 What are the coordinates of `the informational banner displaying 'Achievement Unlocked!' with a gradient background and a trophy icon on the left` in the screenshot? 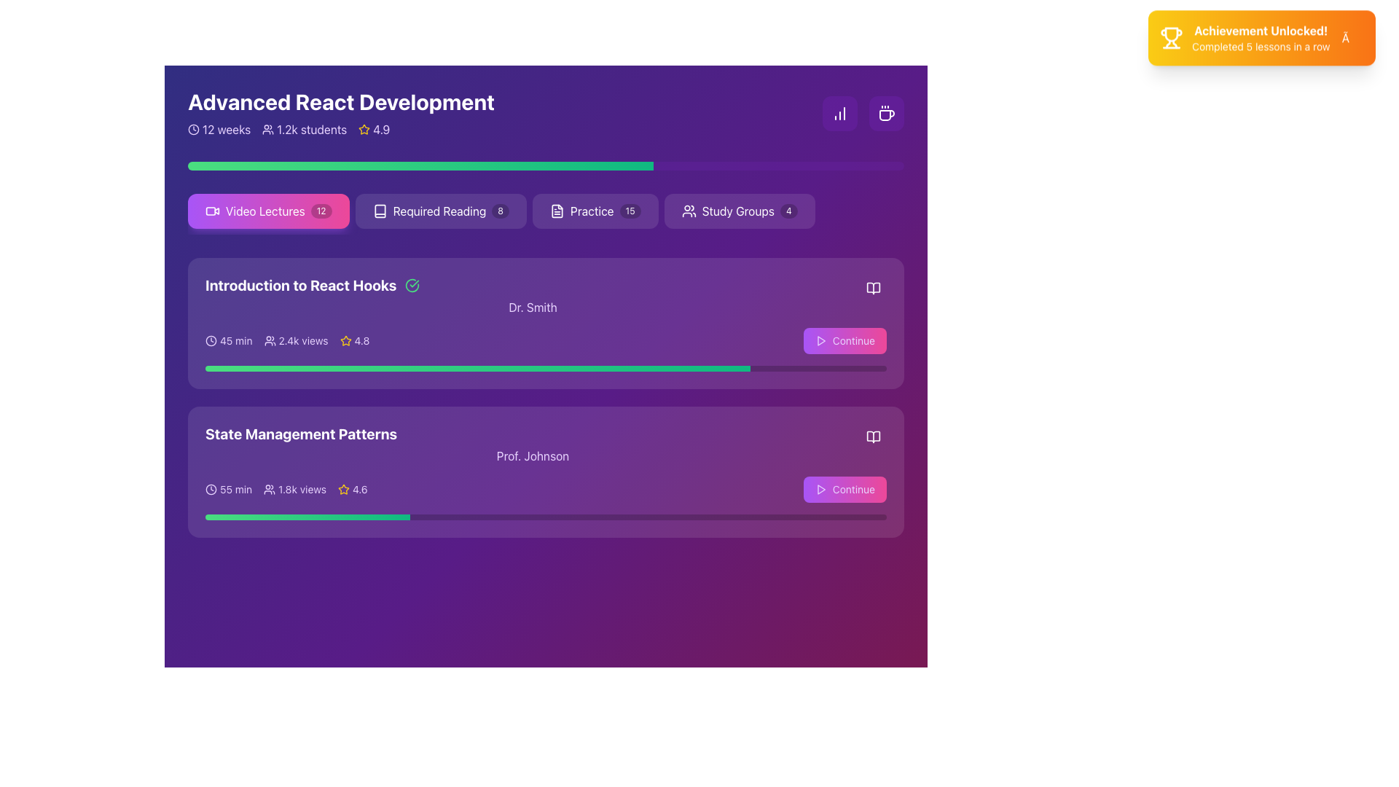 It's located at (1260, 43).